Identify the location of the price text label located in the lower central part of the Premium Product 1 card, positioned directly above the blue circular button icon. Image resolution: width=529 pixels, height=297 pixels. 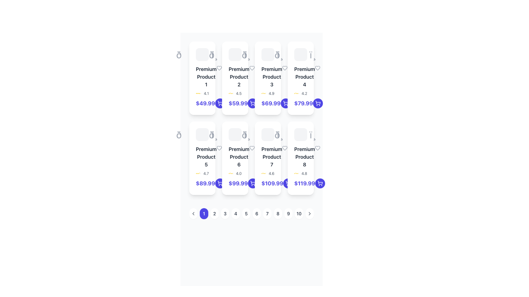
(202, 103).